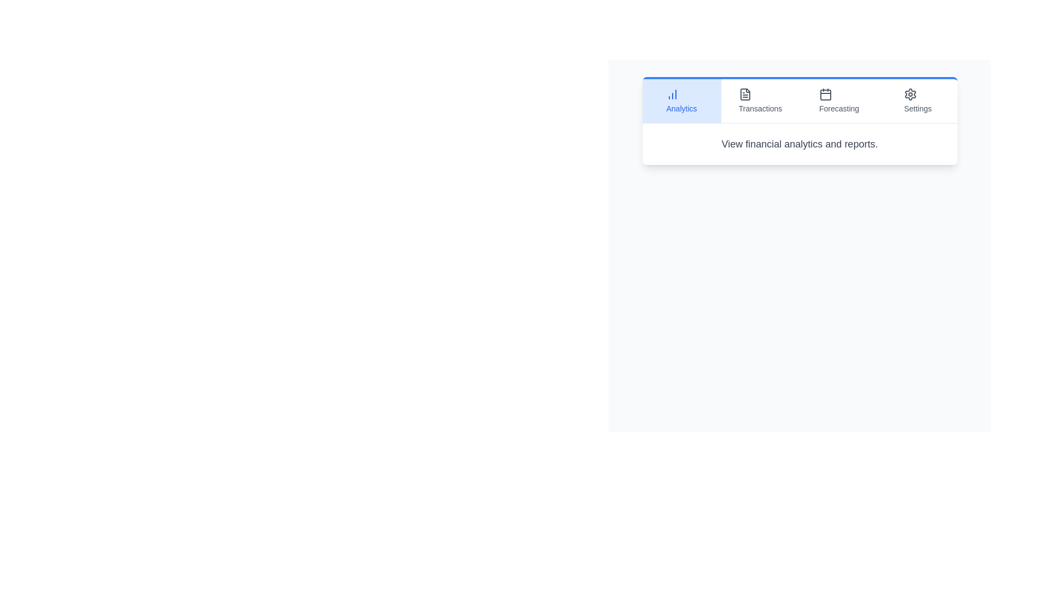  What do you see at coordinates (918, 101) in the screenshot?
I see `the tab labeled Settings` at bounding box center [918, 101].